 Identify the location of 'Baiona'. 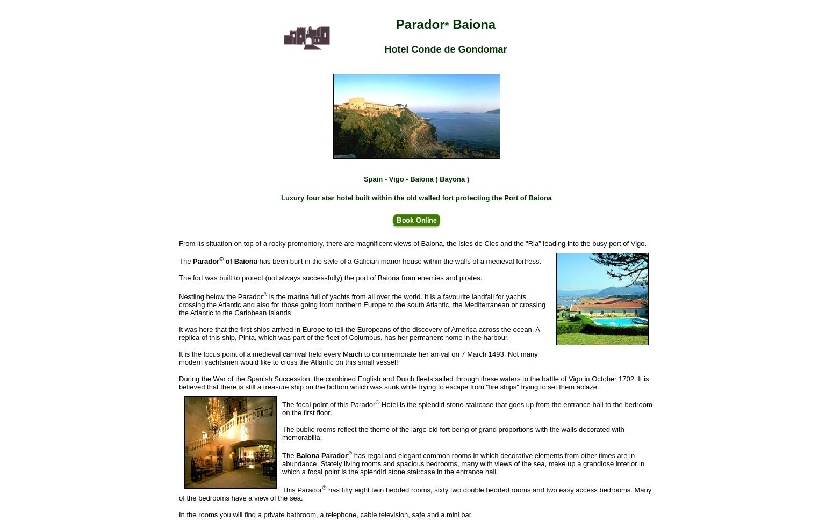
(472, 24).